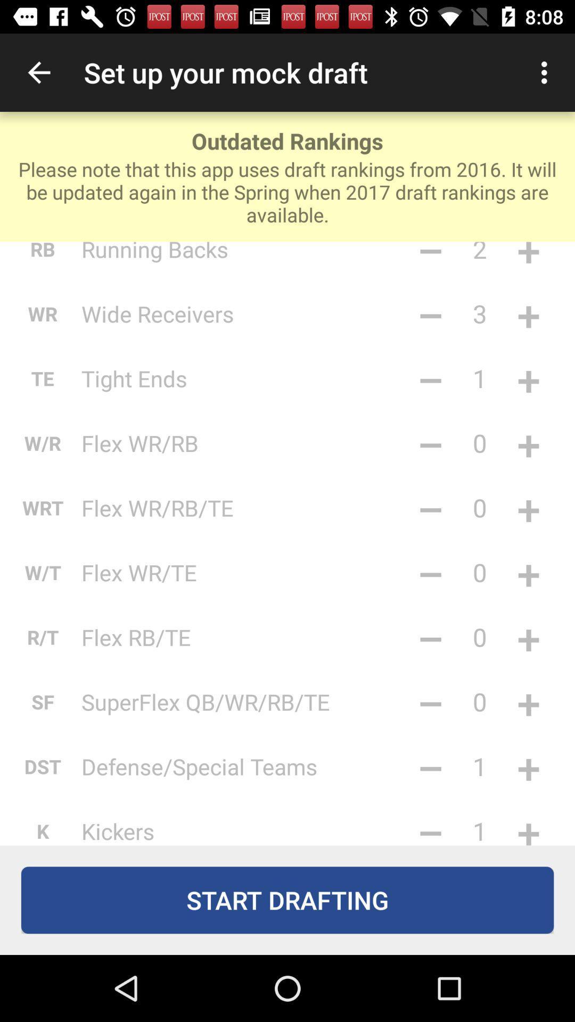  Describe the element at coordinates (430, 767) in the screenshot. I see `the item to the right of defense/special teams icon` at that location.